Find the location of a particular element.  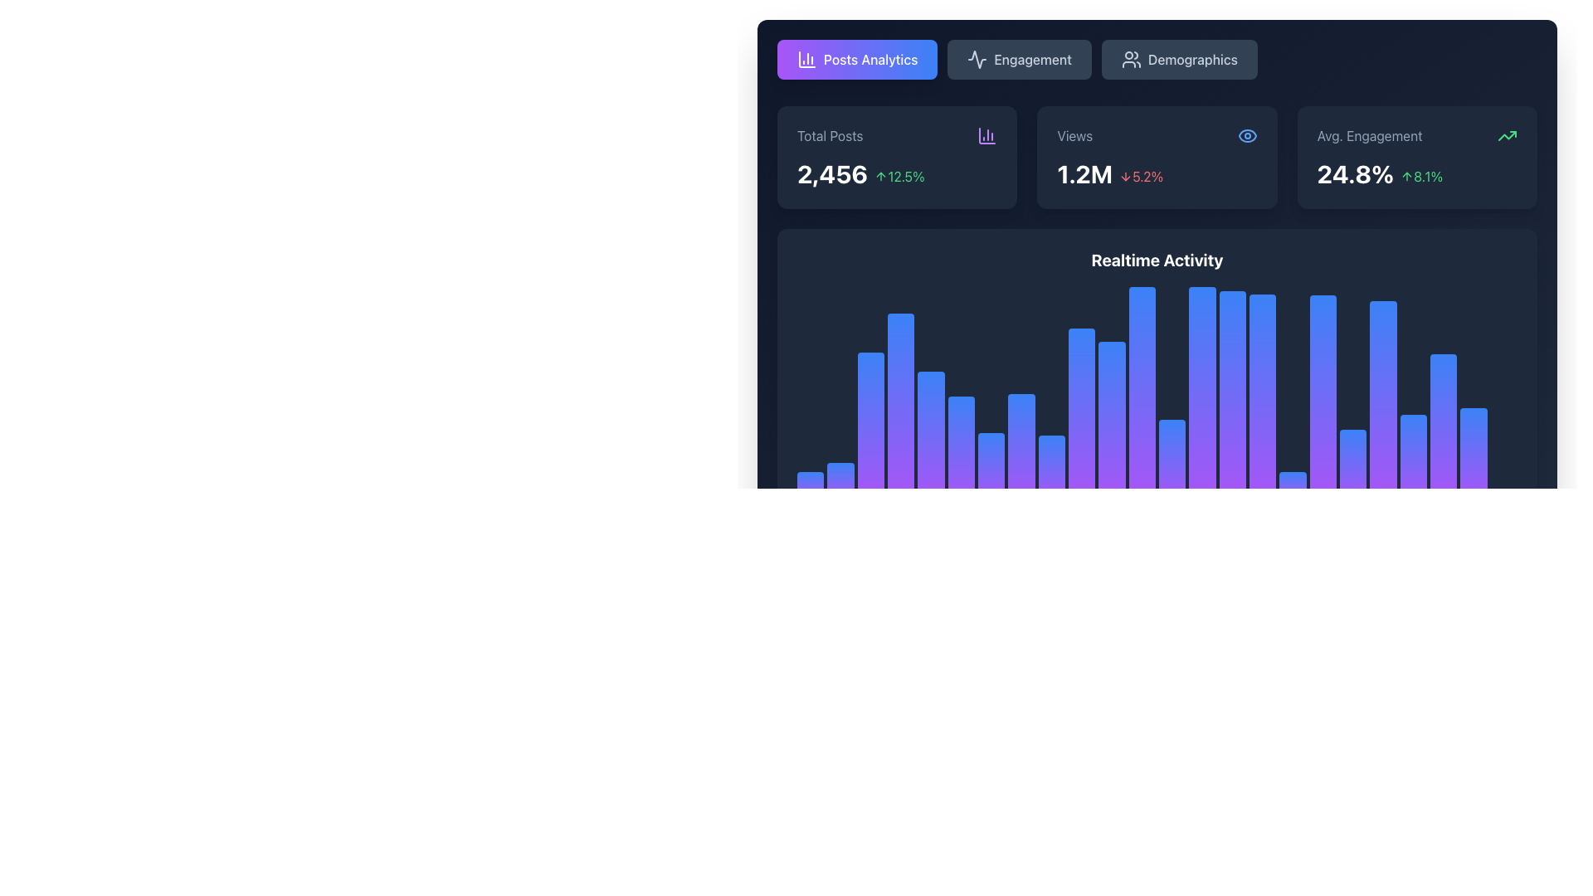

the thirteenth graphical bar in the bar chart located in the 'Realtime Activity' section to filter data is located at coordinates (1172, 406).